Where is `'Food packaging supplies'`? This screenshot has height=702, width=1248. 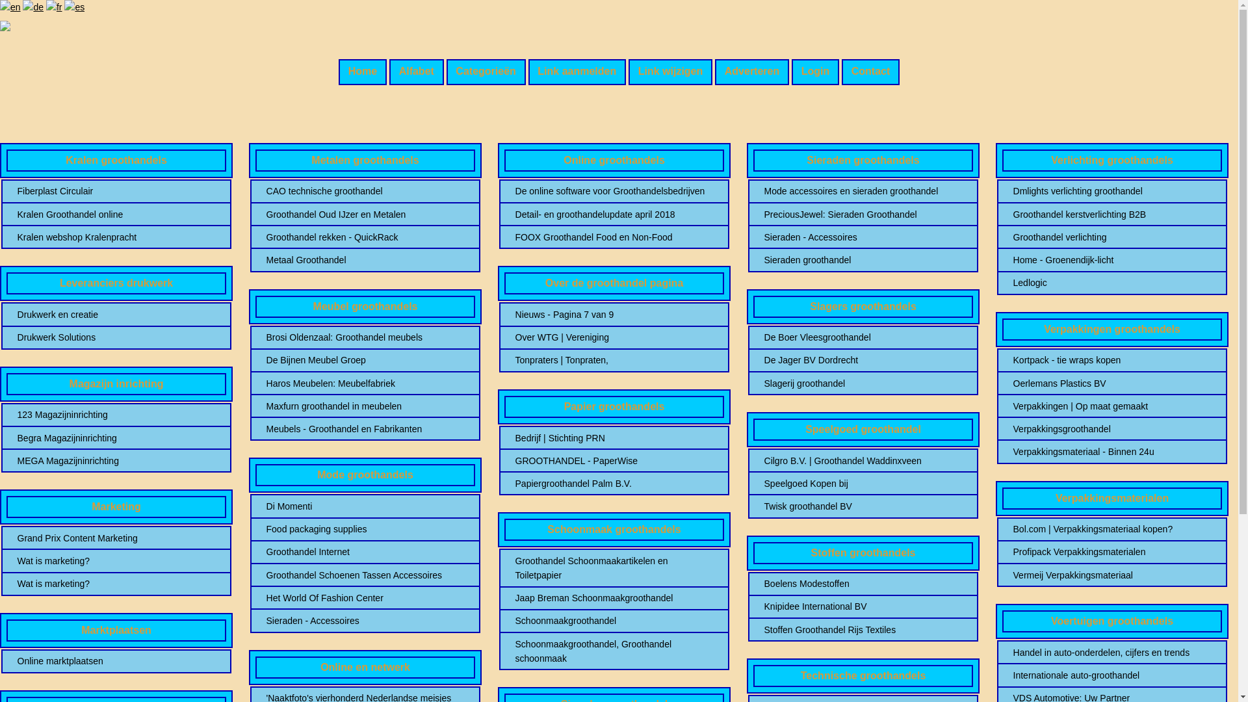 'Food packaging supplies' is located at coordinates (365, 528).